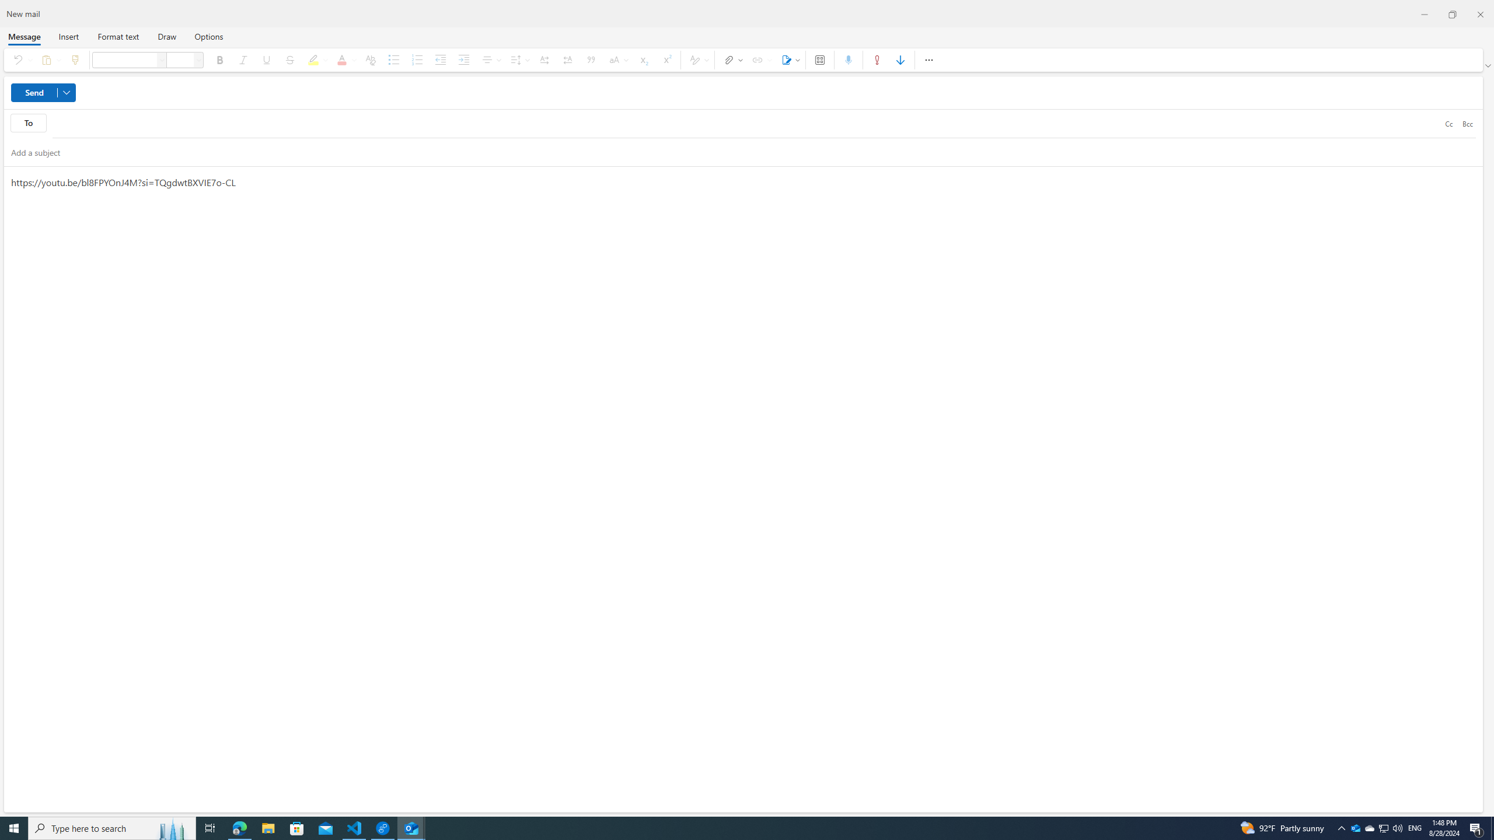 This screenshot has width=1494, height=840. I want to click on 'Attach file', so click(731, 60).